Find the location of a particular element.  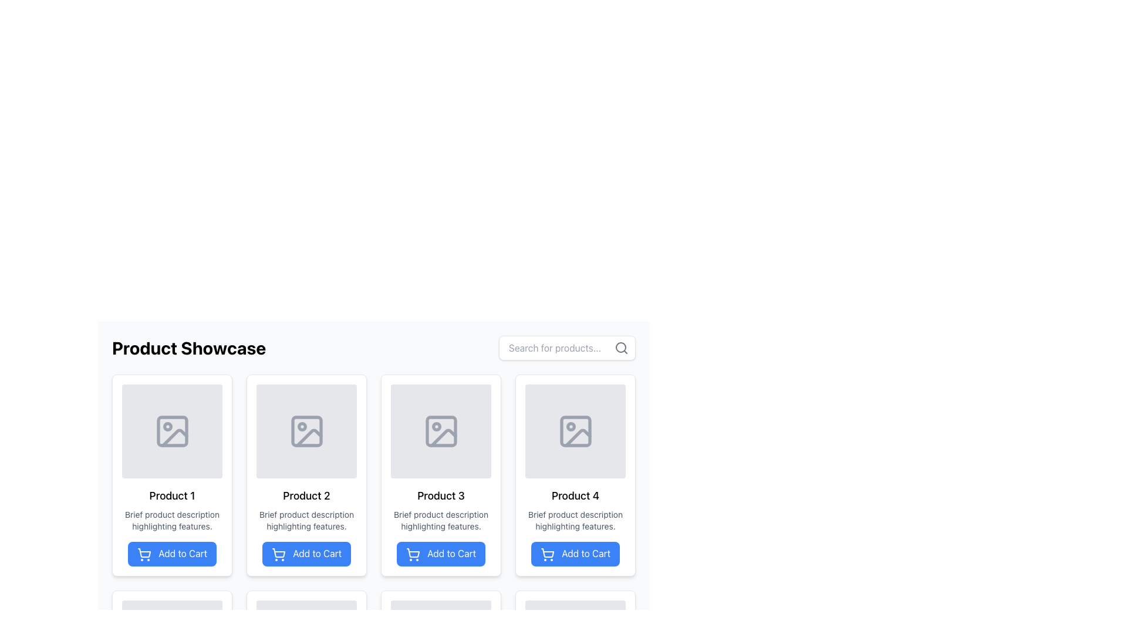

the text label displaying 'Product 2', which is styled with a larger font size and bold weight, located in the second card of the product grid, directly below the placeholder image is located at coordinates (306, 495).